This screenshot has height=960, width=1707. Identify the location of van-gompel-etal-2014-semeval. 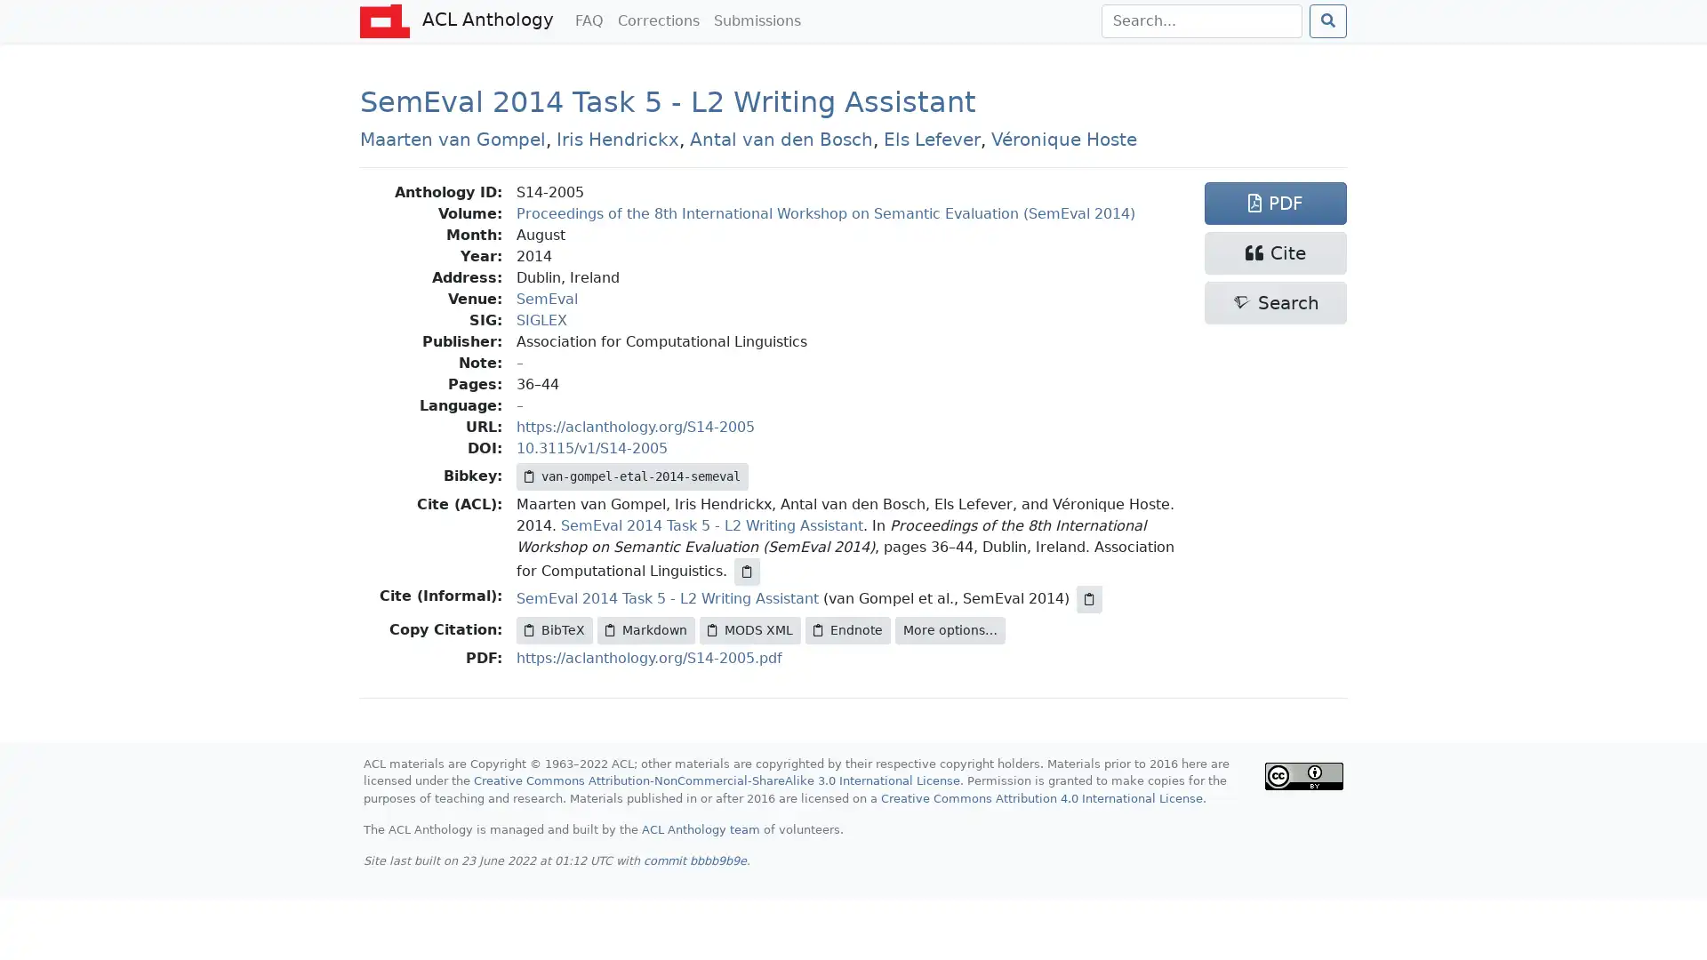
(632, 476).